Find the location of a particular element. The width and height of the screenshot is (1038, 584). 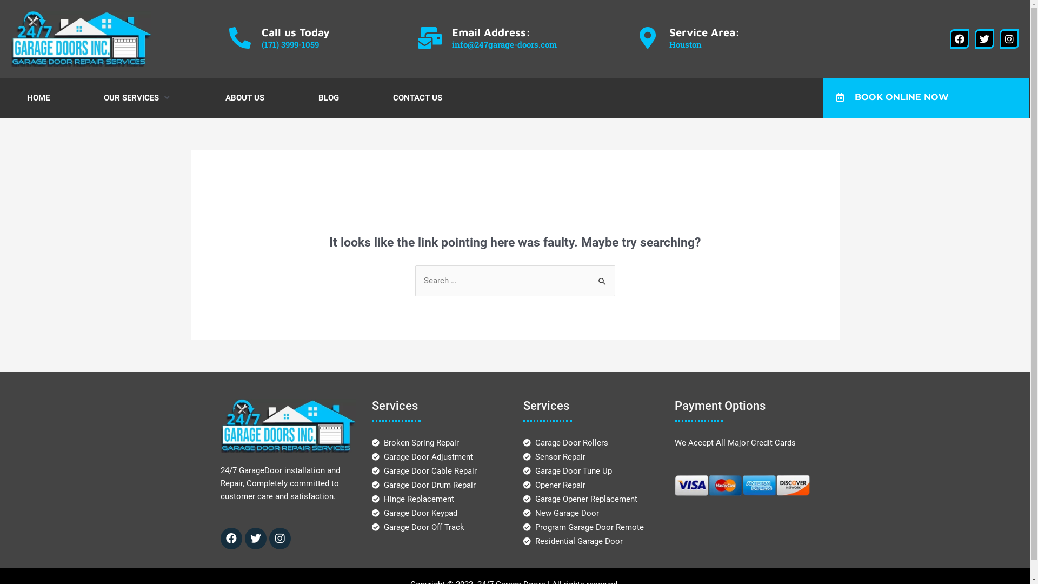

'Garage Opener Replacement' is located at coordinates (580, 499).